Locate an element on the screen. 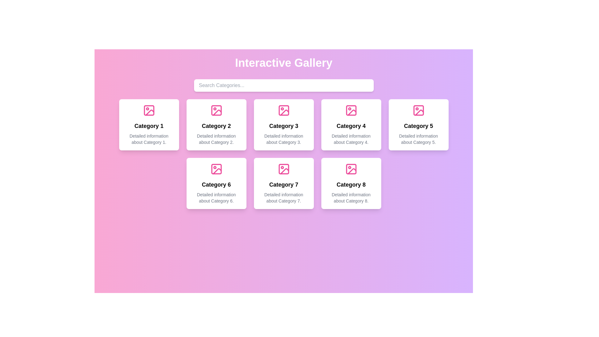 This screenshot has height=337, width=599. the descriptive text label located in the bottom section of the first card in the first row of the interface is located at coordinates (149, 139).